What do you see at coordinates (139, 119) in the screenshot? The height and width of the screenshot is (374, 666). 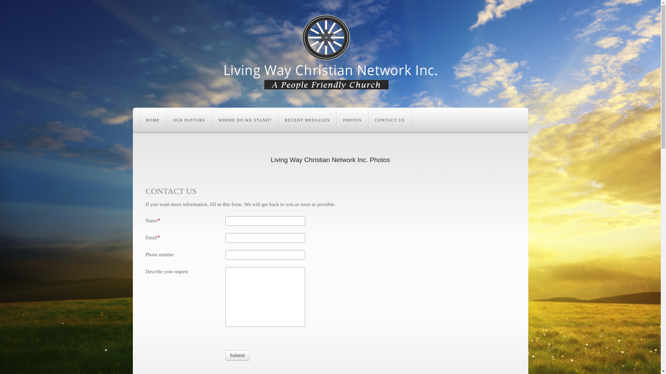 I see `'HOME'` at bounding box center [139, 119].